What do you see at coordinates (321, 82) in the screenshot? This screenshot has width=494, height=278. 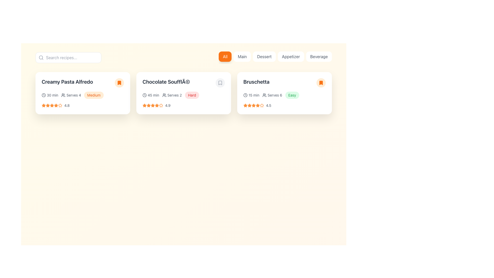 I see `the bookmarking icon located in the top right corner of the 'Bruschetta' recipe card to bookmark or unbookmark the card` at bounding box center [321, 82].